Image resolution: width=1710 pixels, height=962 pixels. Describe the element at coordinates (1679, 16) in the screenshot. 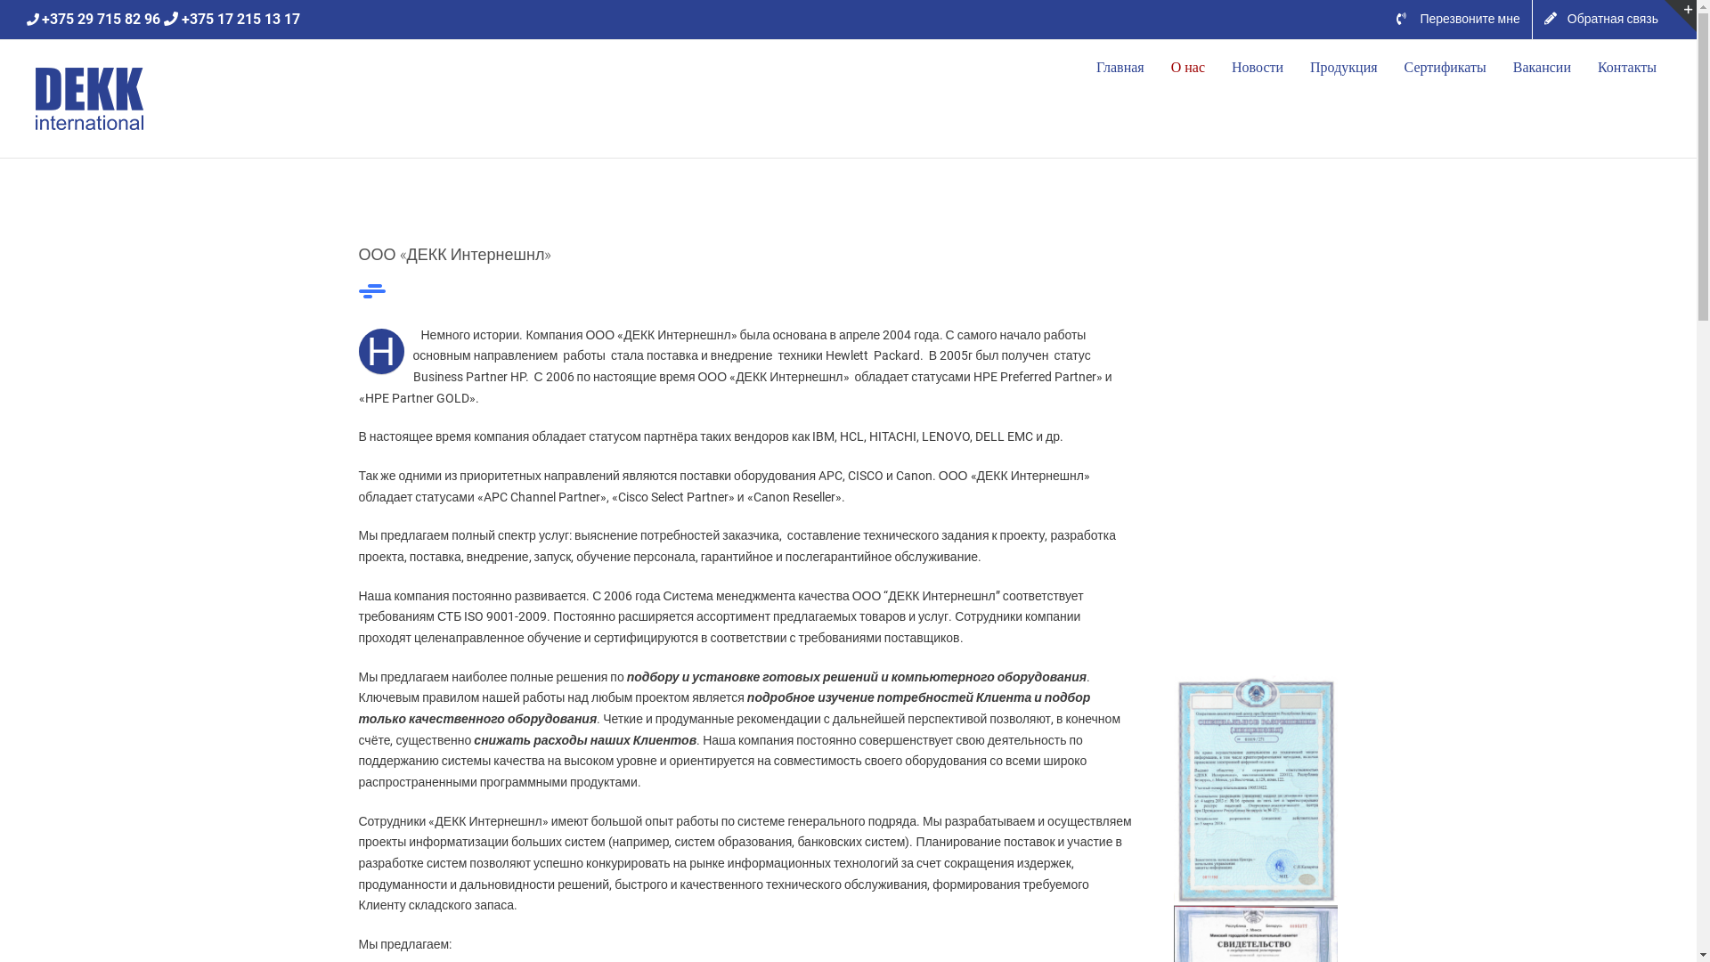

I see `'Toggle Sliding Bar Area'` at that location.